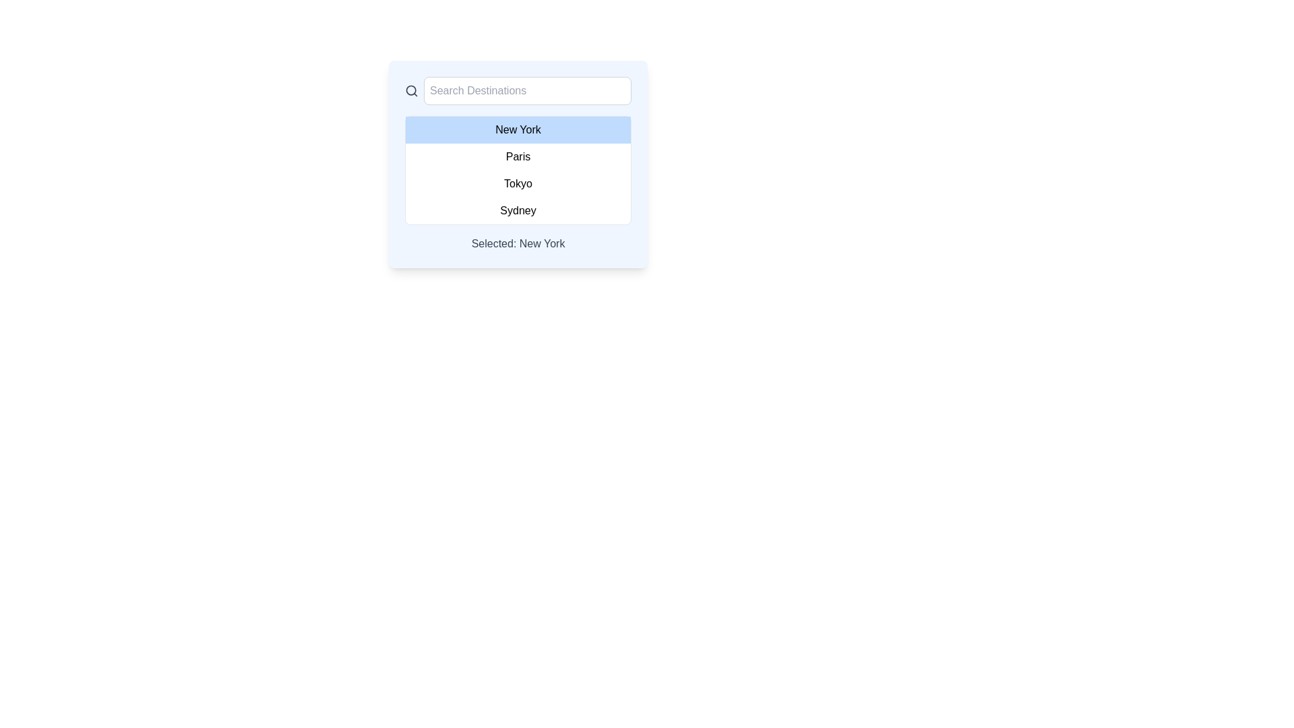 Image resolution: width=1294 pixels, height=728 pixels. Describe the element at coordinates (517, 129) in the screenshot. I see `text content of the first list item with a light blue background that contains the text 'New York' located directly under the 'Search Destinations' input field` at that location.